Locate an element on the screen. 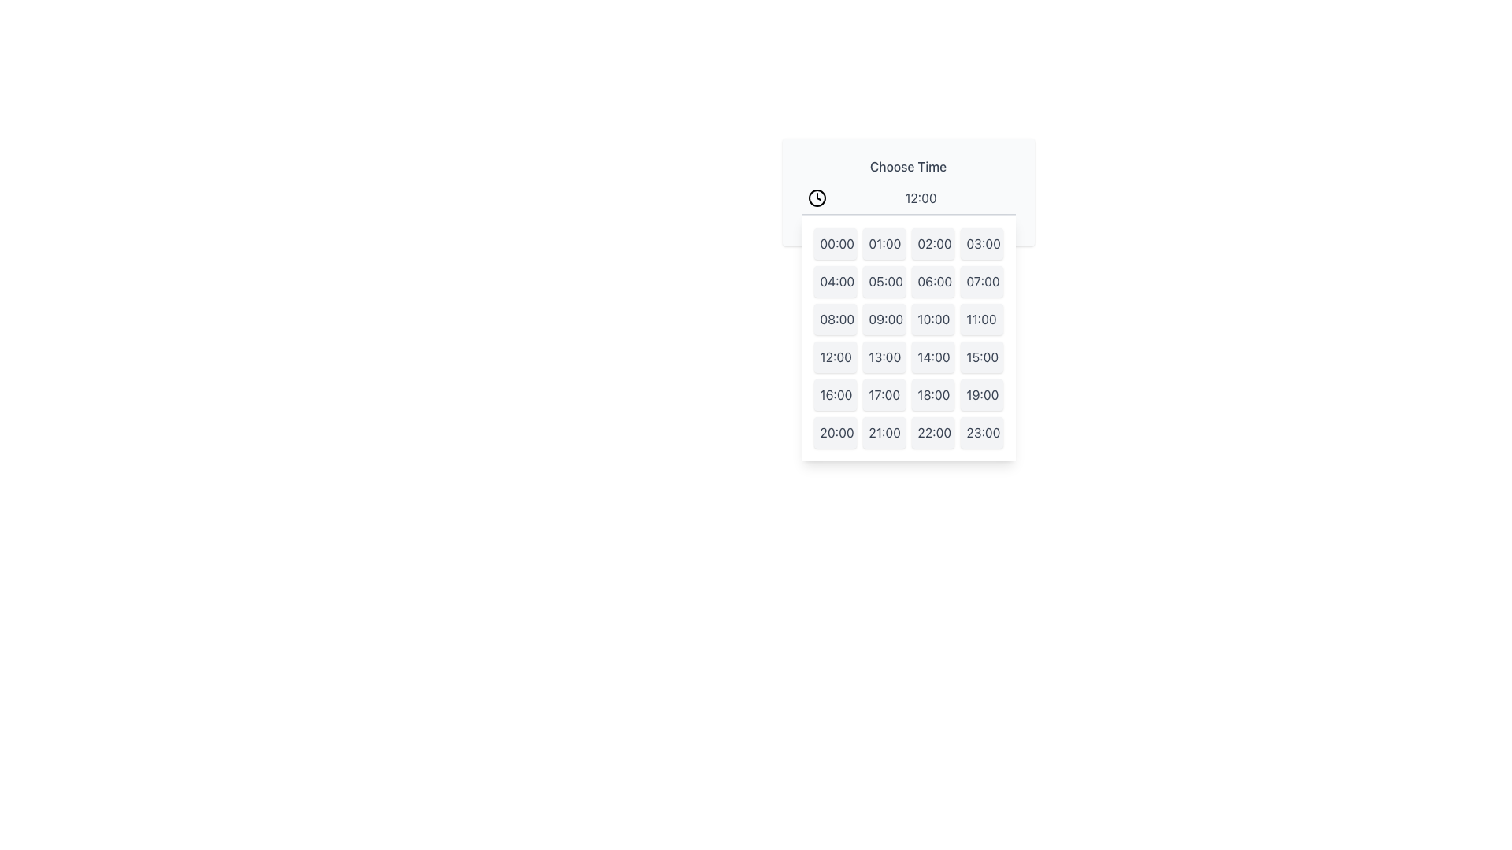  the rectangular button labeled '14:00' with a light gray background and dark gray text is located at coordinates (932, 357).